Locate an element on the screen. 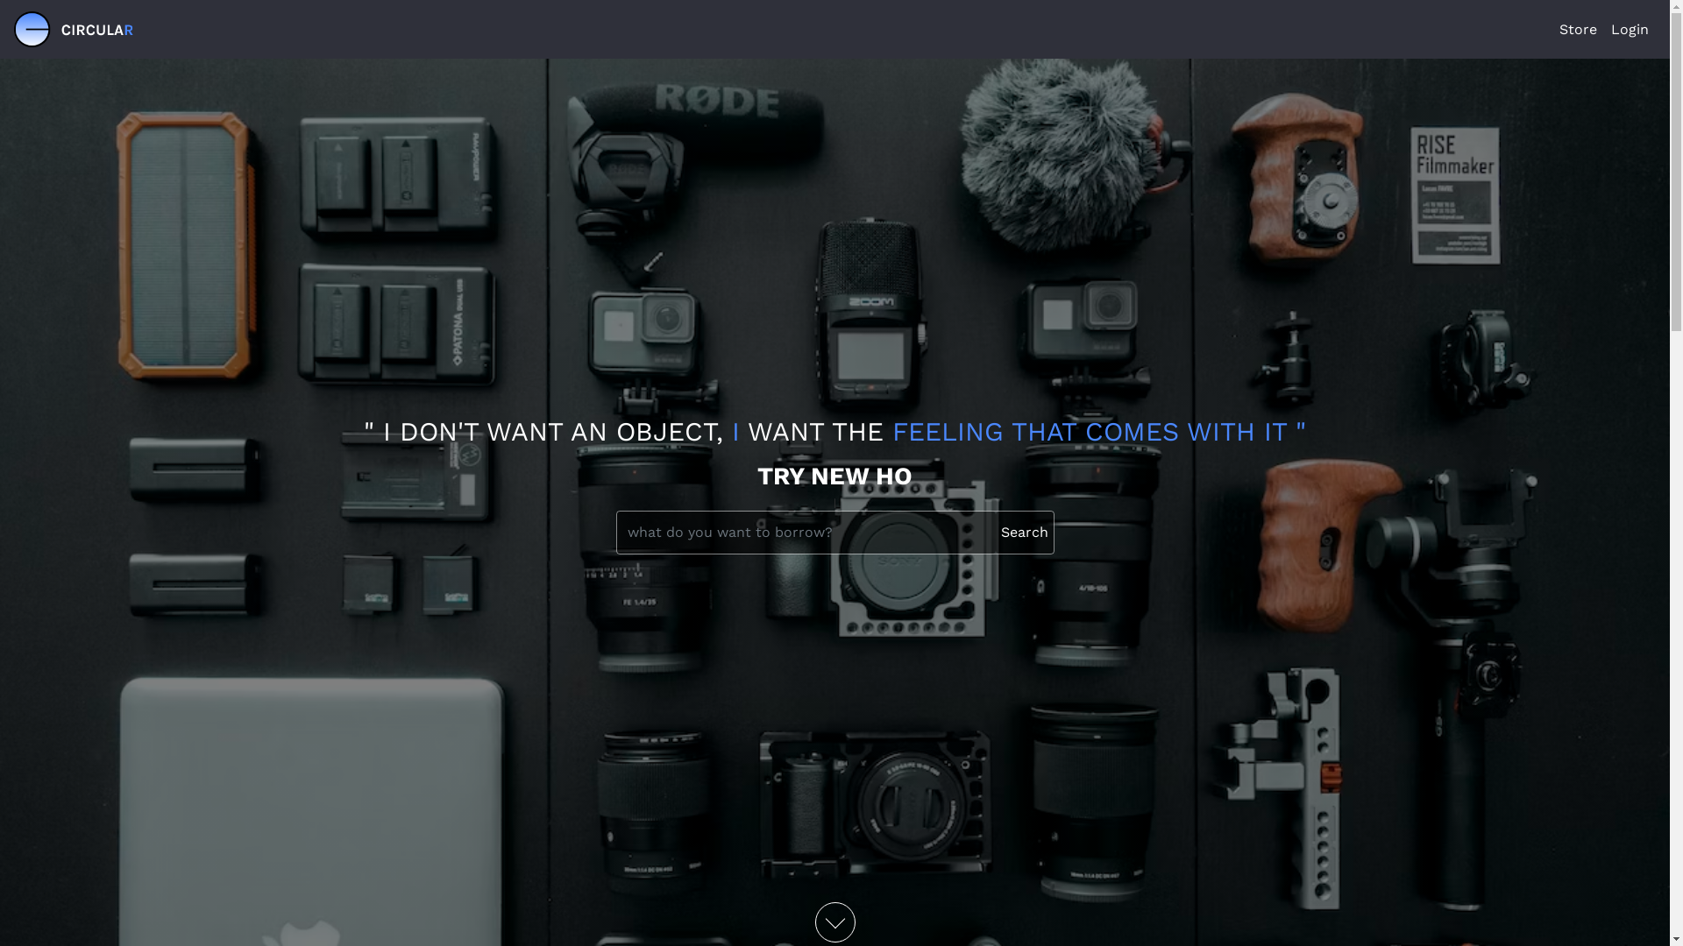 The width and height of the screenshot is (1683, 946). 'Login' is located at coordinates (1629, 30).